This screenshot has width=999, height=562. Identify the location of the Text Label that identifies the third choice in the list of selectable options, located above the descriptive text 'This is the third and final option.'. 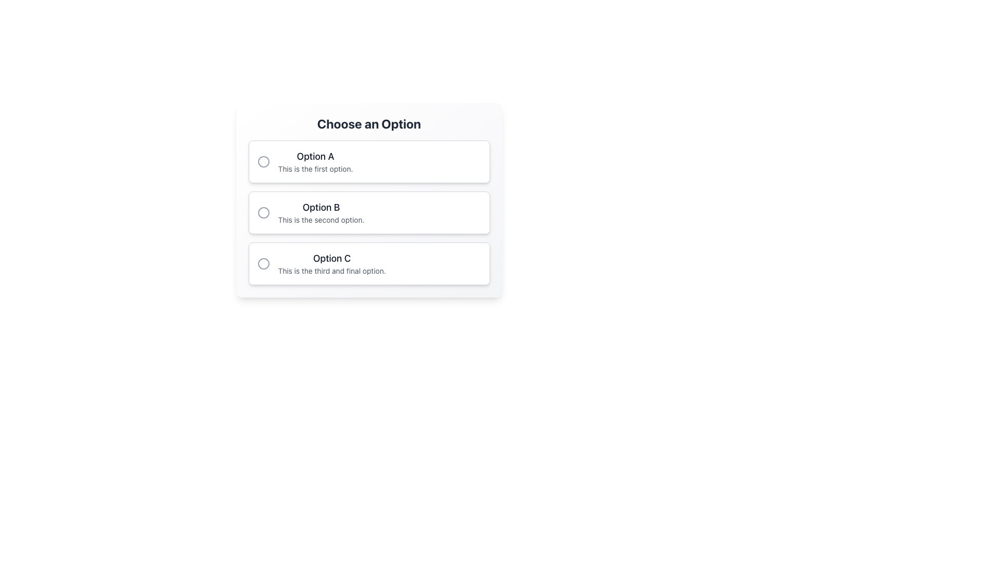
(331, 258).